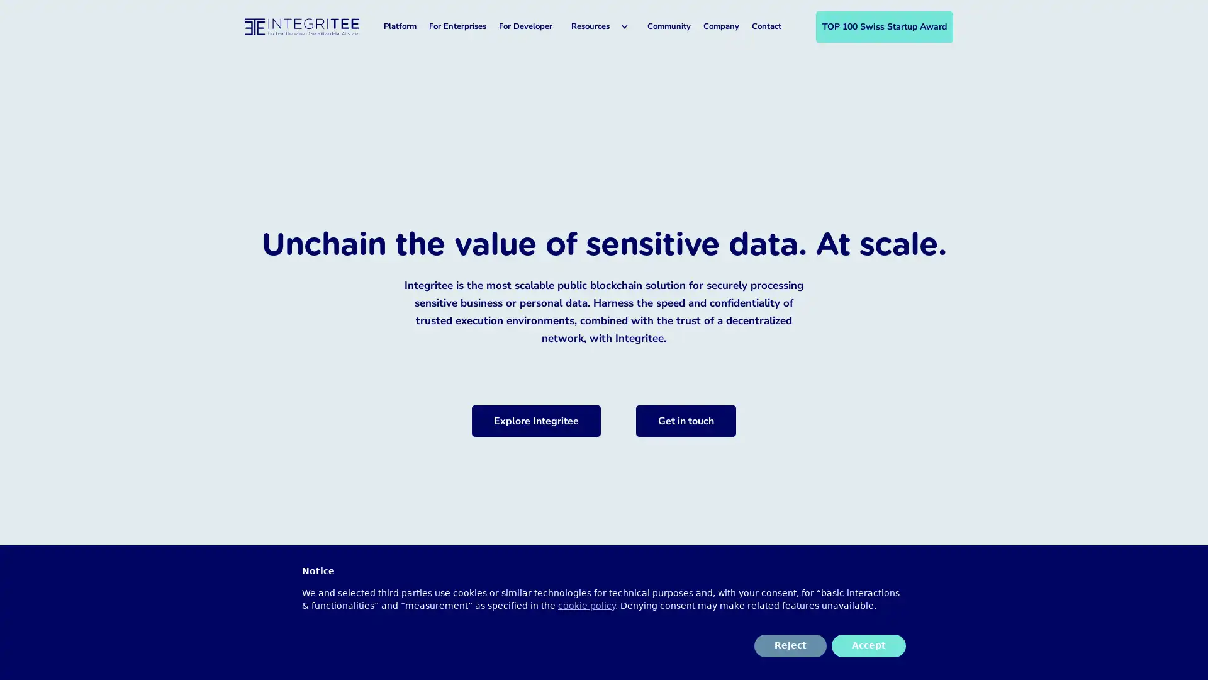 The height and width of the screenshot is (680, 1208). Describe the element at coordinates (790, 646) in the screenshot. I see `Reject` at that location.